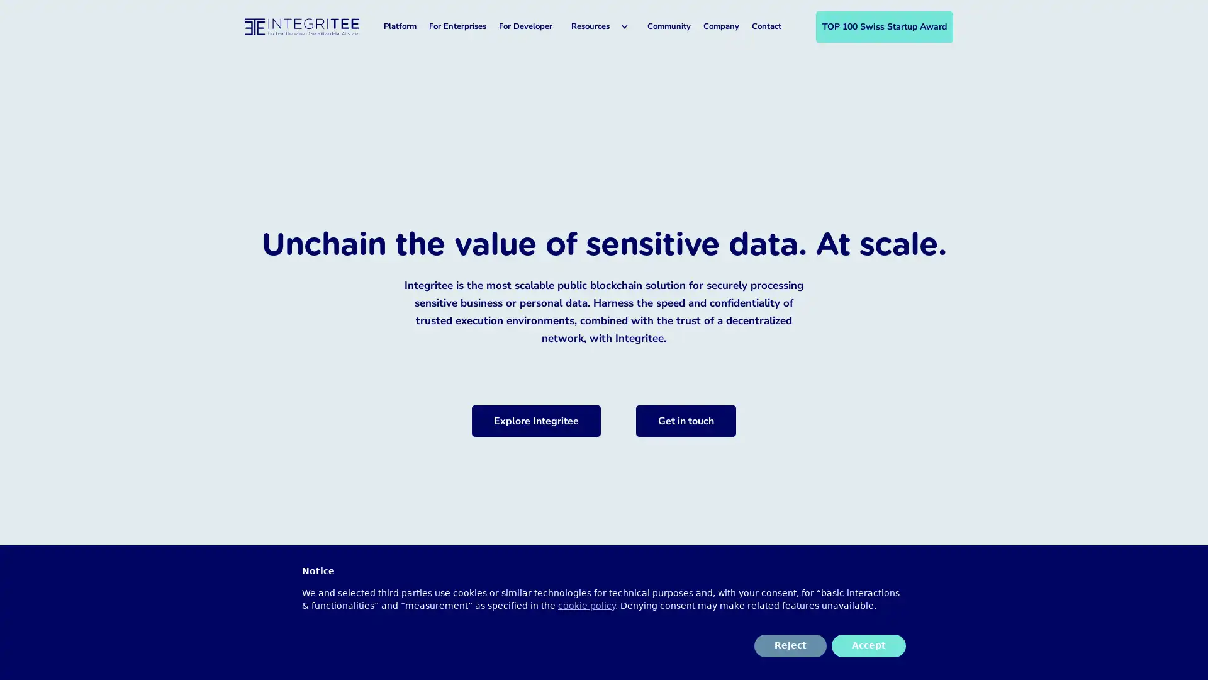 The height and width of the screenshot is (680, 1208). Describe the element at coordinates (790, 646) in the screenshot. I see `Reject` at that location.